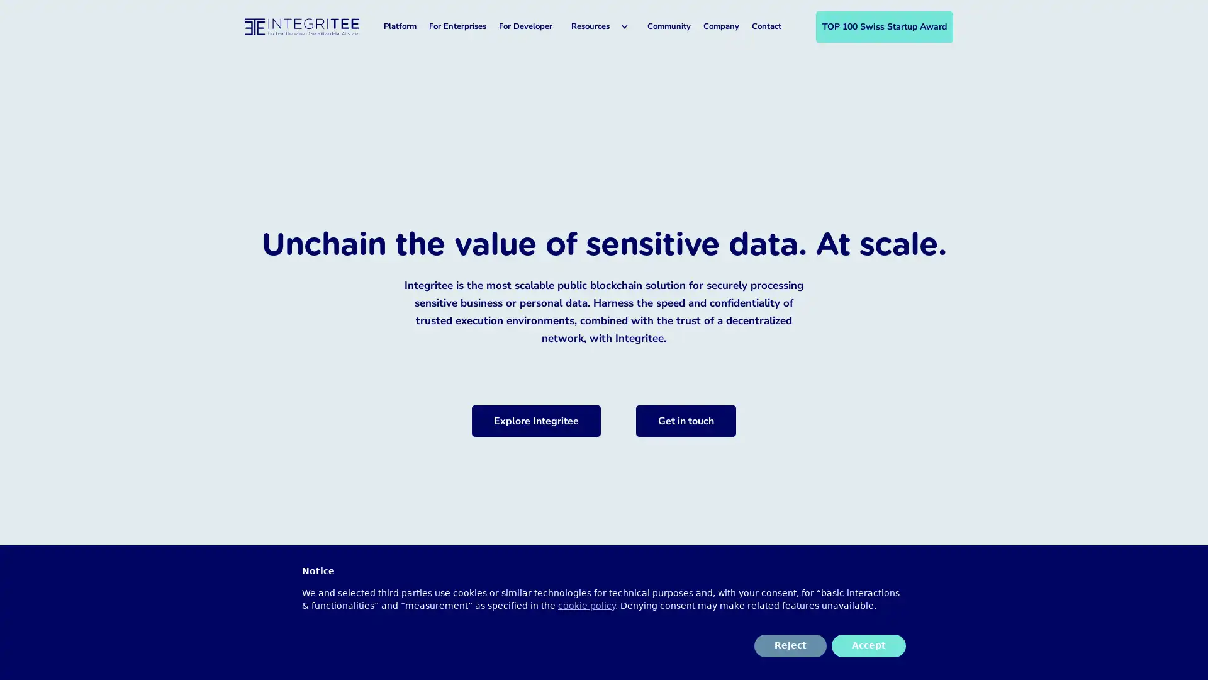 The height and width of the screenshot is (680, 1208). Describe the element at coordinates (790, 646) in the screenshot. I see `Reject` at that location.